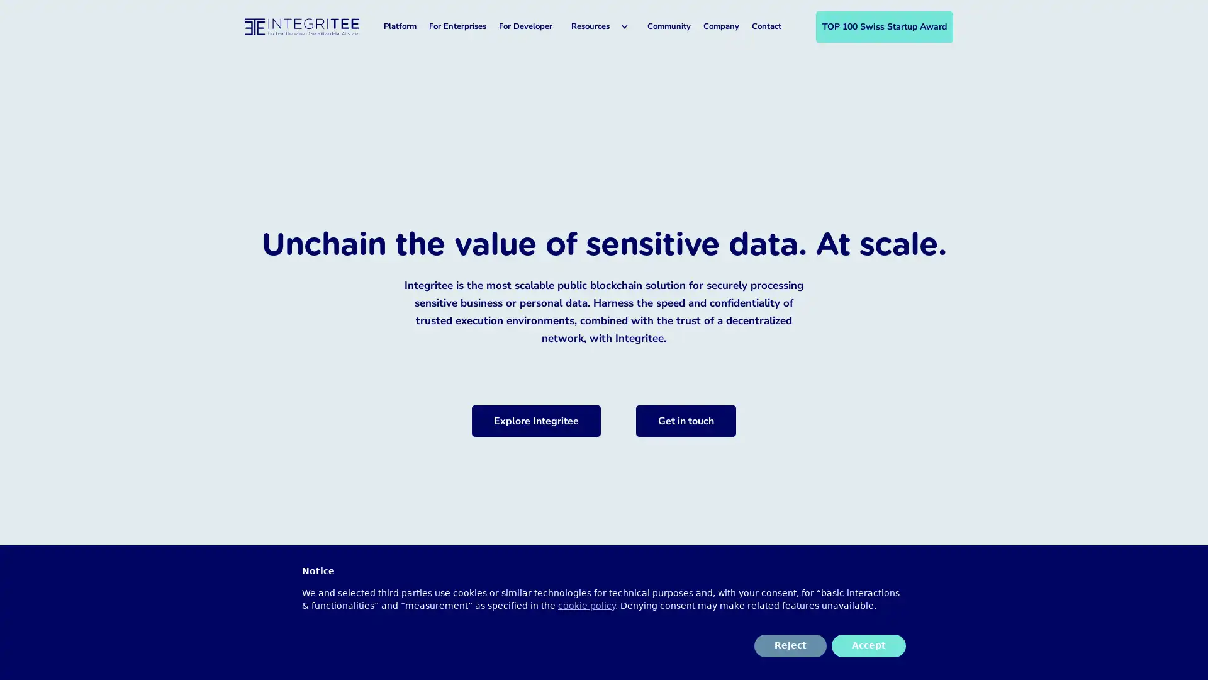 The height and width of the screenshot is (680, 1208). Describe the element at coordinates (790, 646) in the screenshot. I see `Reject` at that location.